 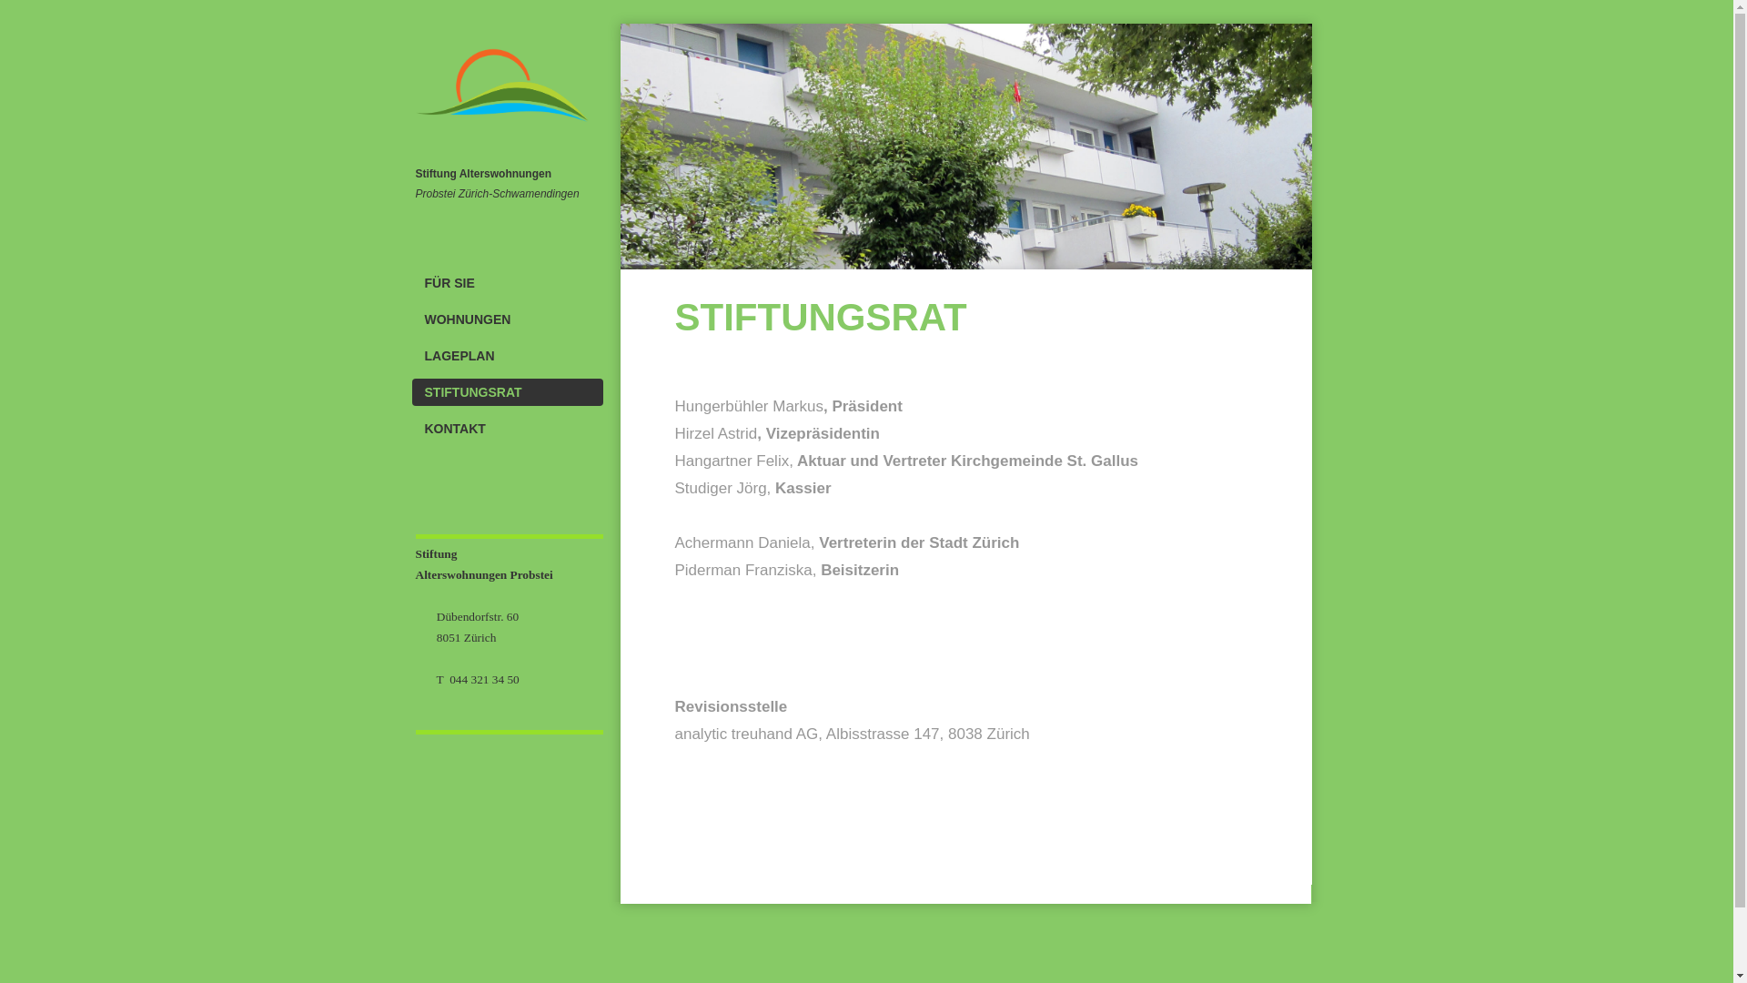 I want to click on 'WOHNUNGEN', so click(x=506, y=319).